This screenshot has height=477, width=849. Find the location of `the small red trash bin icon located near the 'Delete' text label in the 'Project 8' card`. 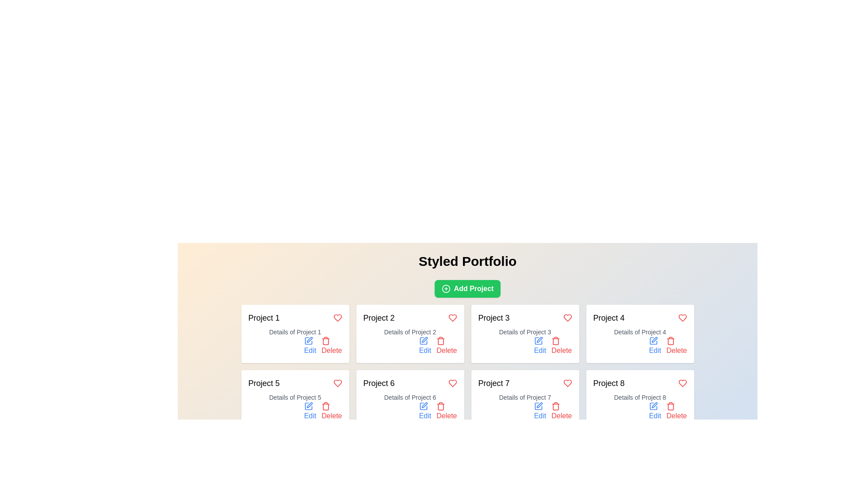

the small red trash bin icon located near the 'Delete' text label in the 'Project 8' card is located at coordinates (671, 406).